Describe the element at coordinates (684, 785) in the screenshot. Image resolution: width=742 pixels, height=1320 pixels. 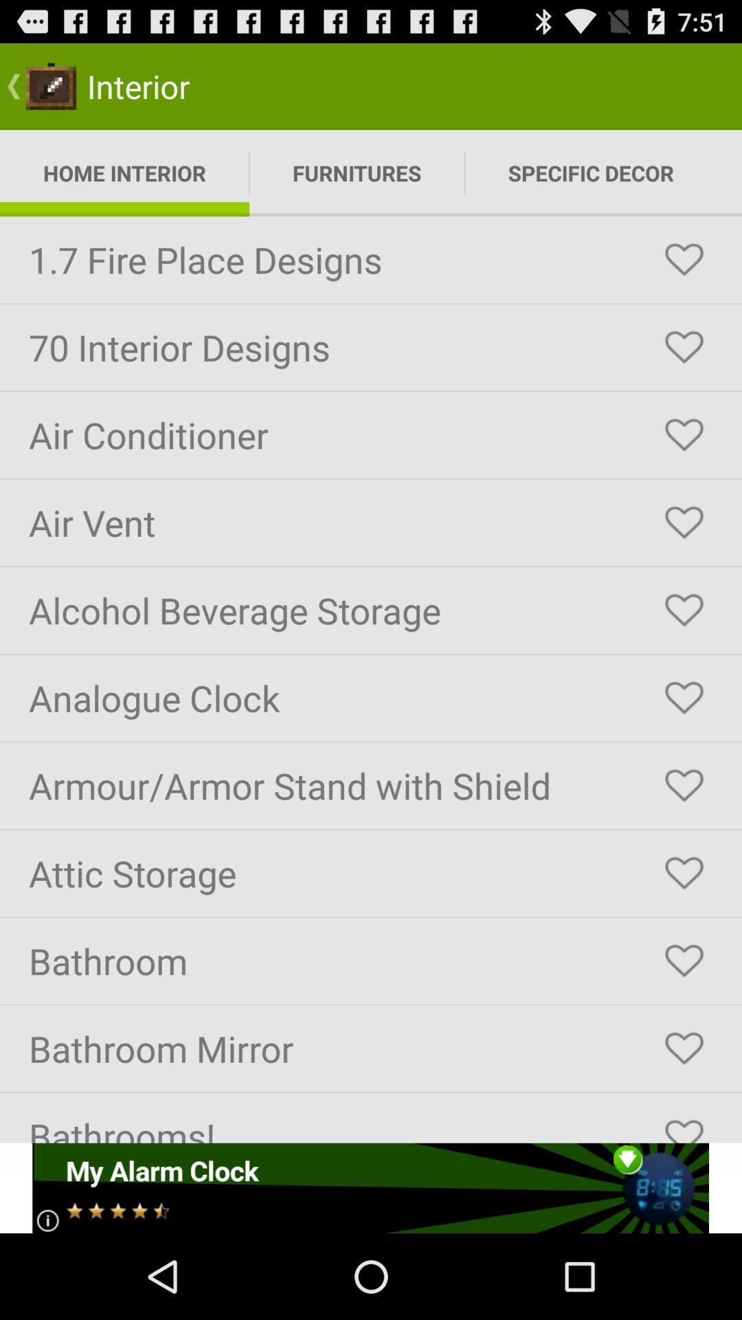
I see `like` at that location.